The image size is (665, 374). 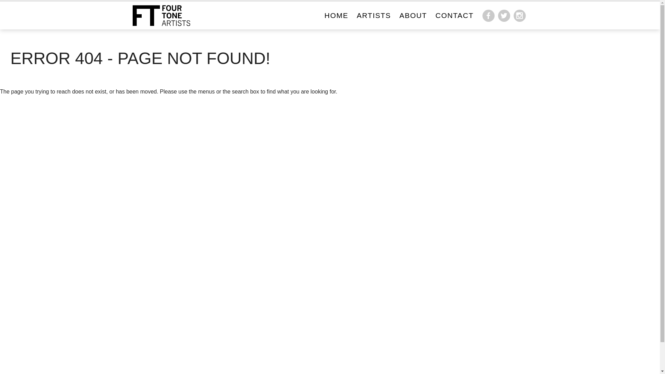 What do you see at coordinates (432, 15) in the screenshot?
I see `'CONTACT'` at bounding box center [432, 15].